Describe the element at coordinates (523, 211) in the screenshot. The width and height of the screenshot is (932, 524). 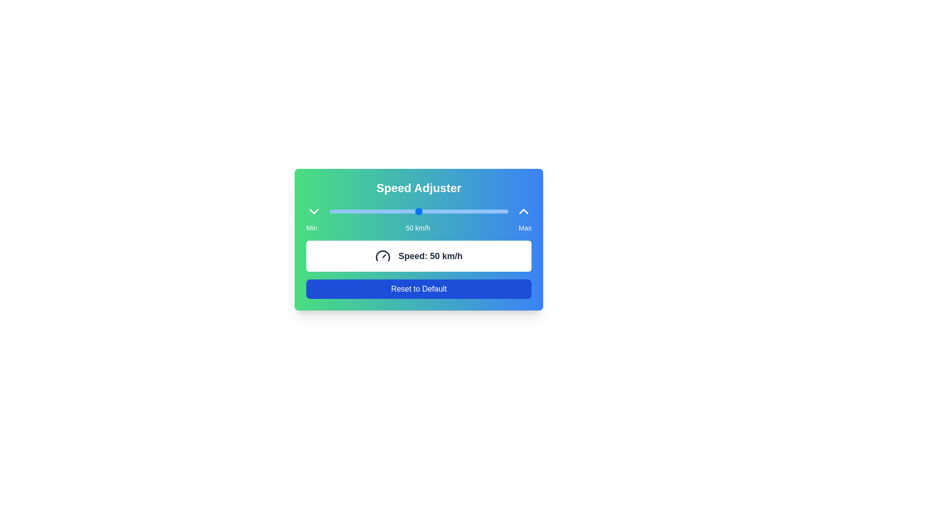
I see `the icon located in the top-left corner of the 'Speed Adjuster' interface` at that location.